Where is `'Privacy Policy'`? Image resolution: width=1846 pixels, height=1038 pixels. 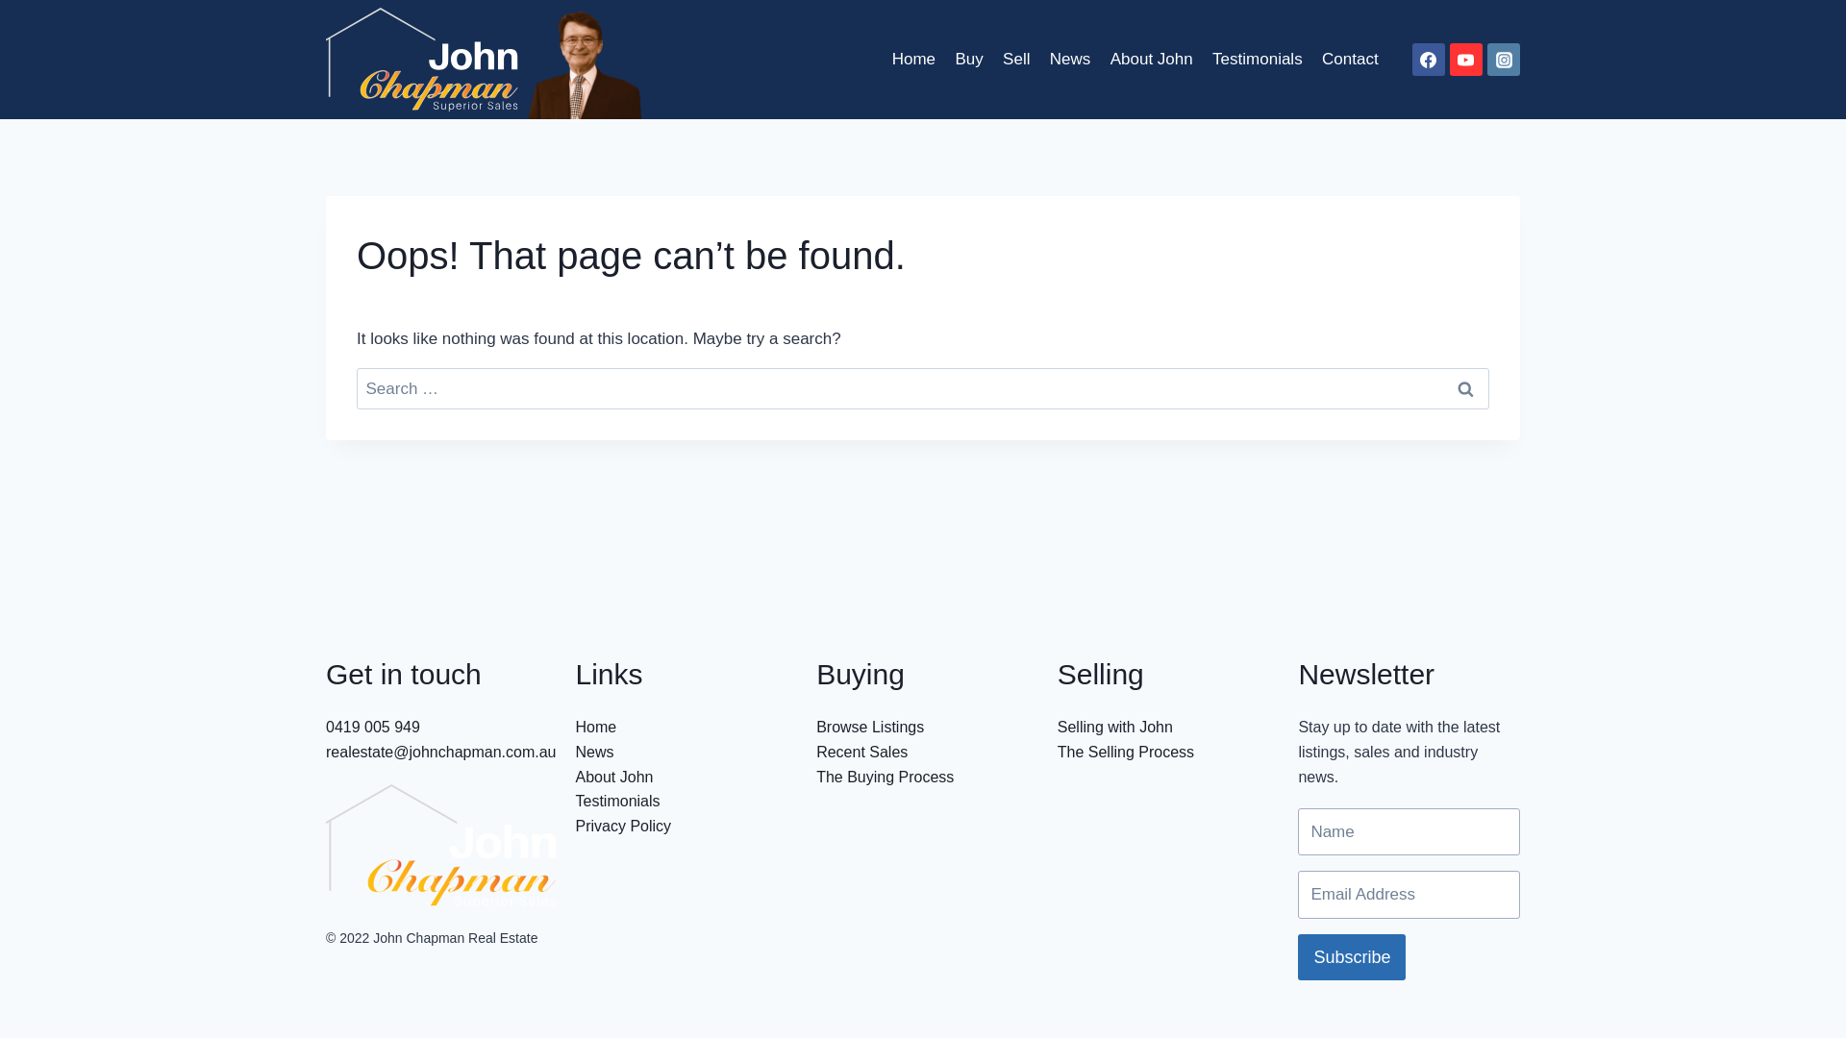 'Privacy Policy' is located at coordinates (623, 825).